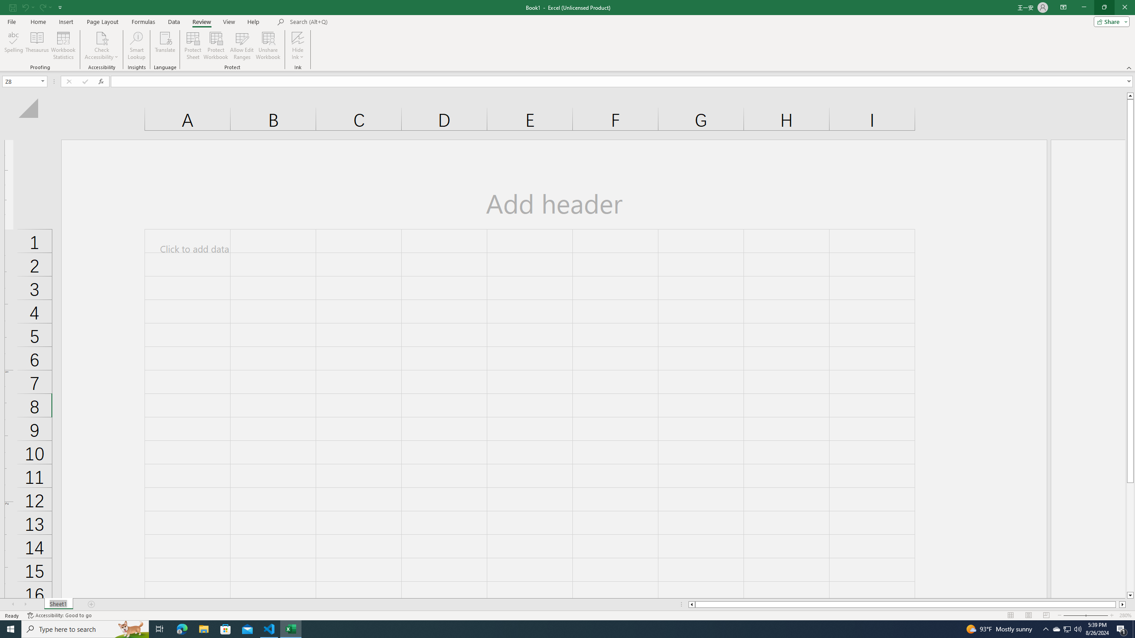 The height and width of the screenshot is (638, 1135). Describe the element at coordinates (242, 46) in the screenshot. I see `'Allow Edit Ranges'` at that location.